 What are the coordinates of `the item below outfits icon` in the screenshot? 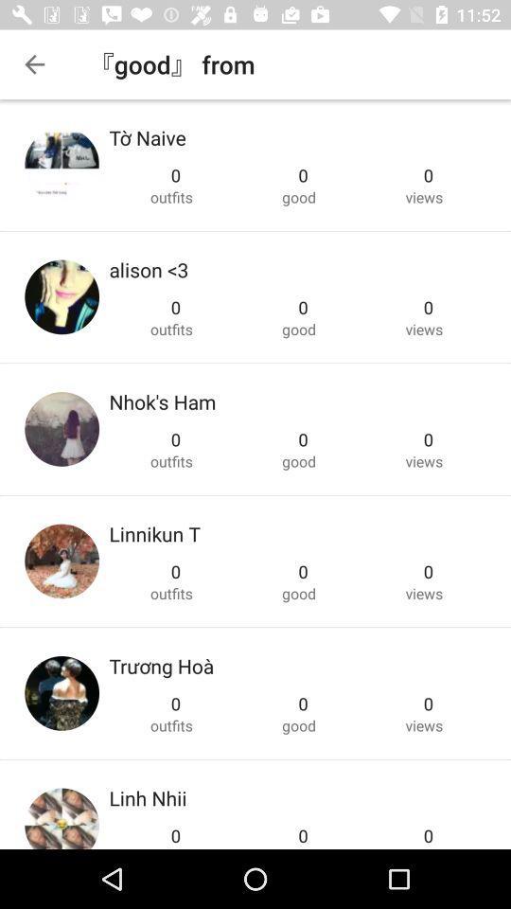 It's located at (161, 666).